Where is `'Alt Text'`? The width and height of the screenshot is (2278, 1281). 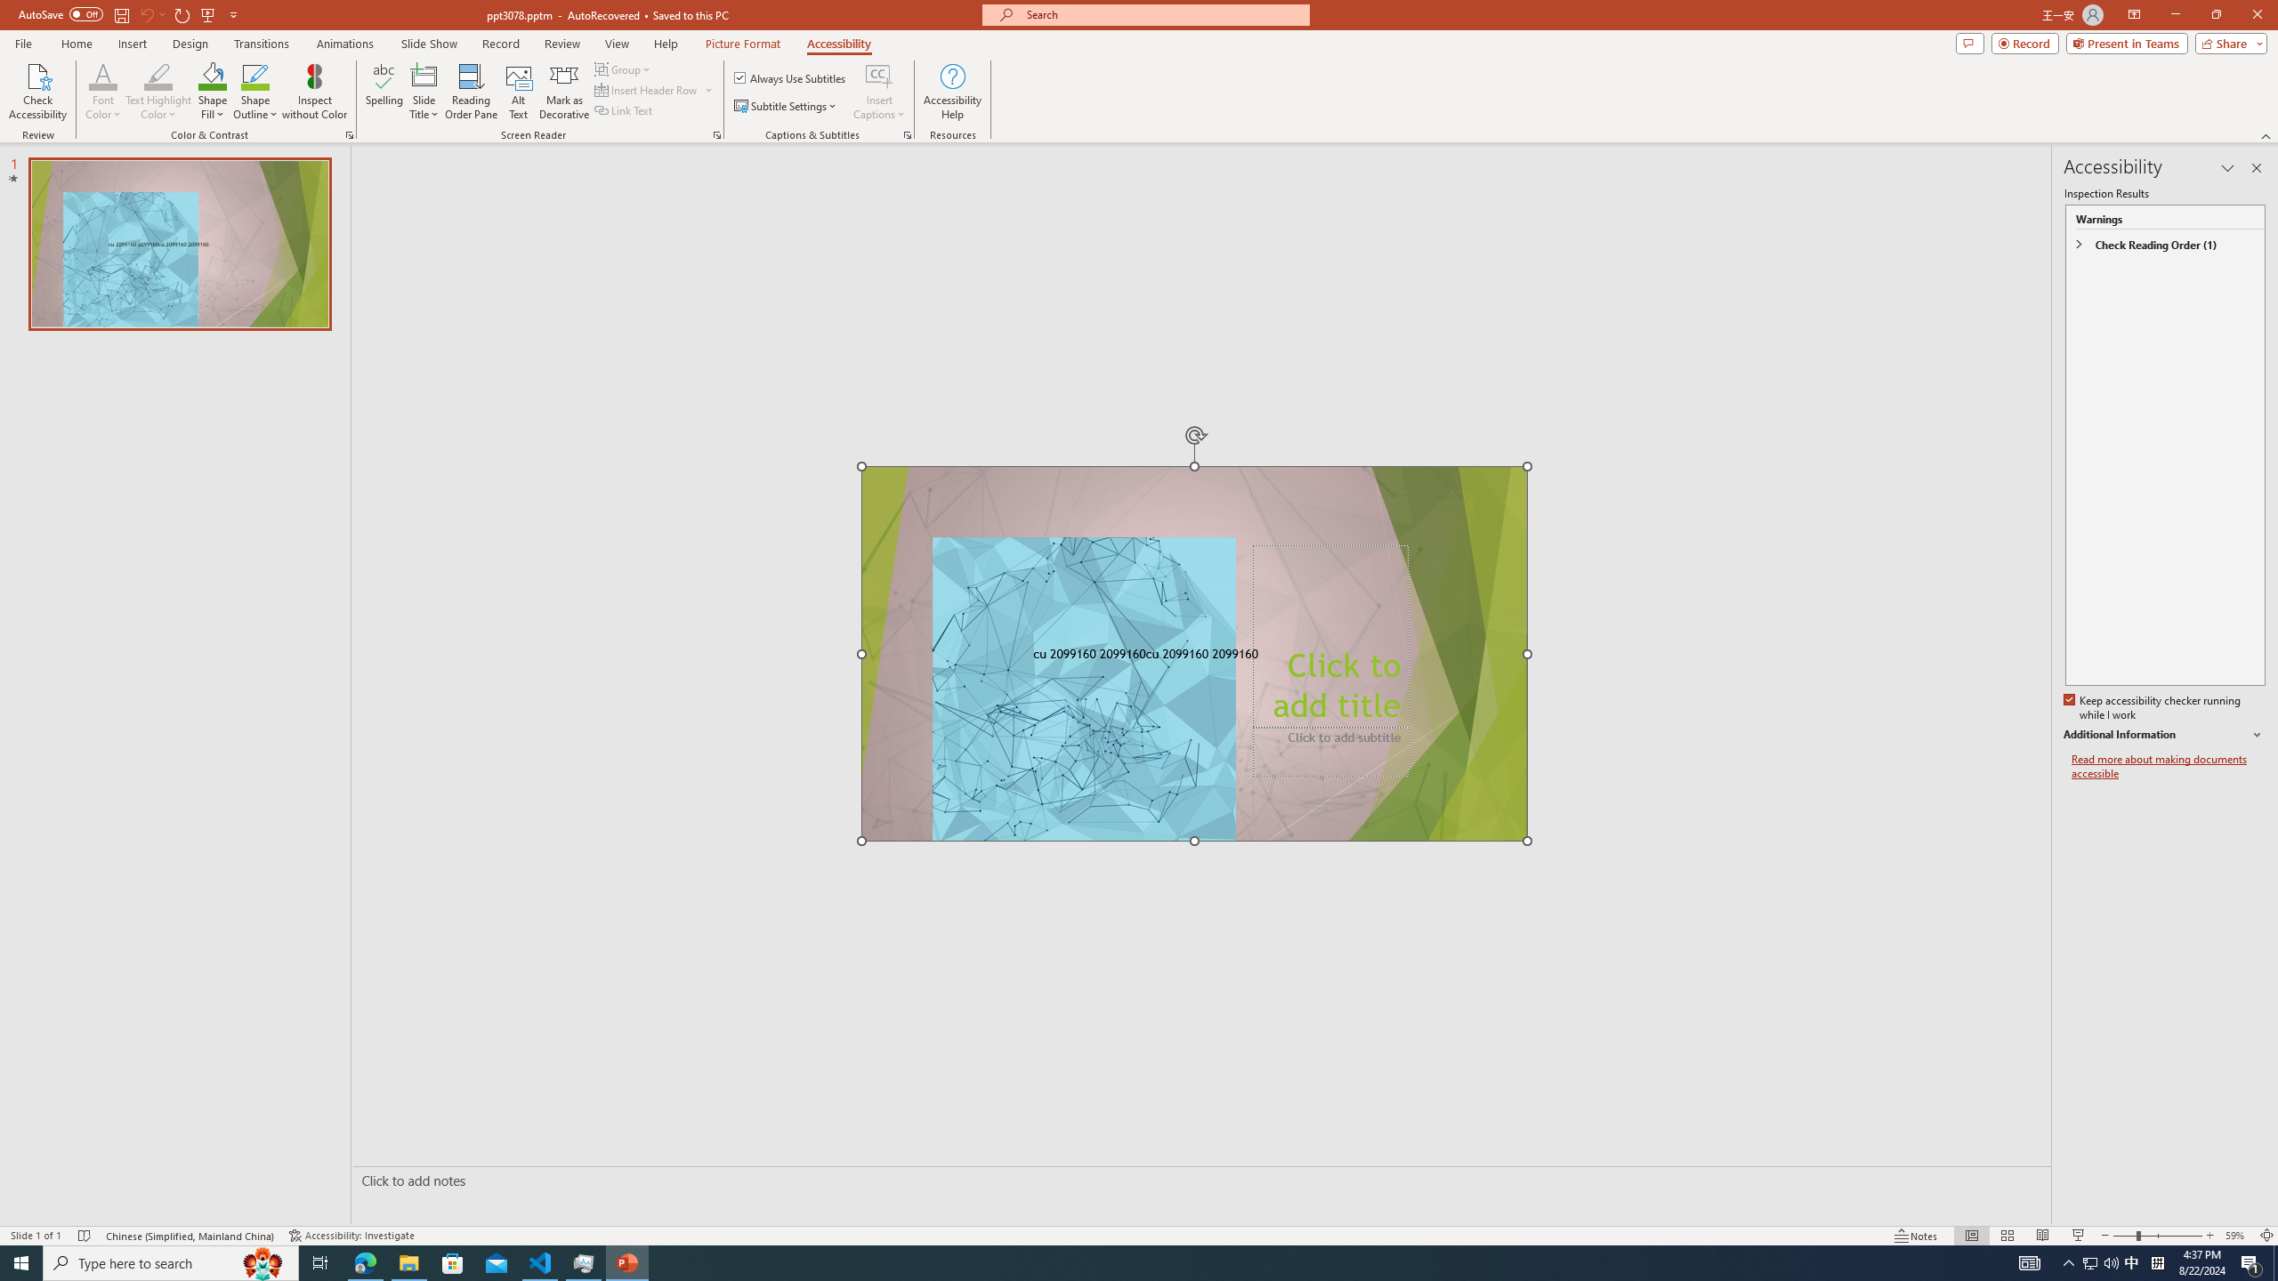
'Alt Text' is located at coordinates (518, 92).